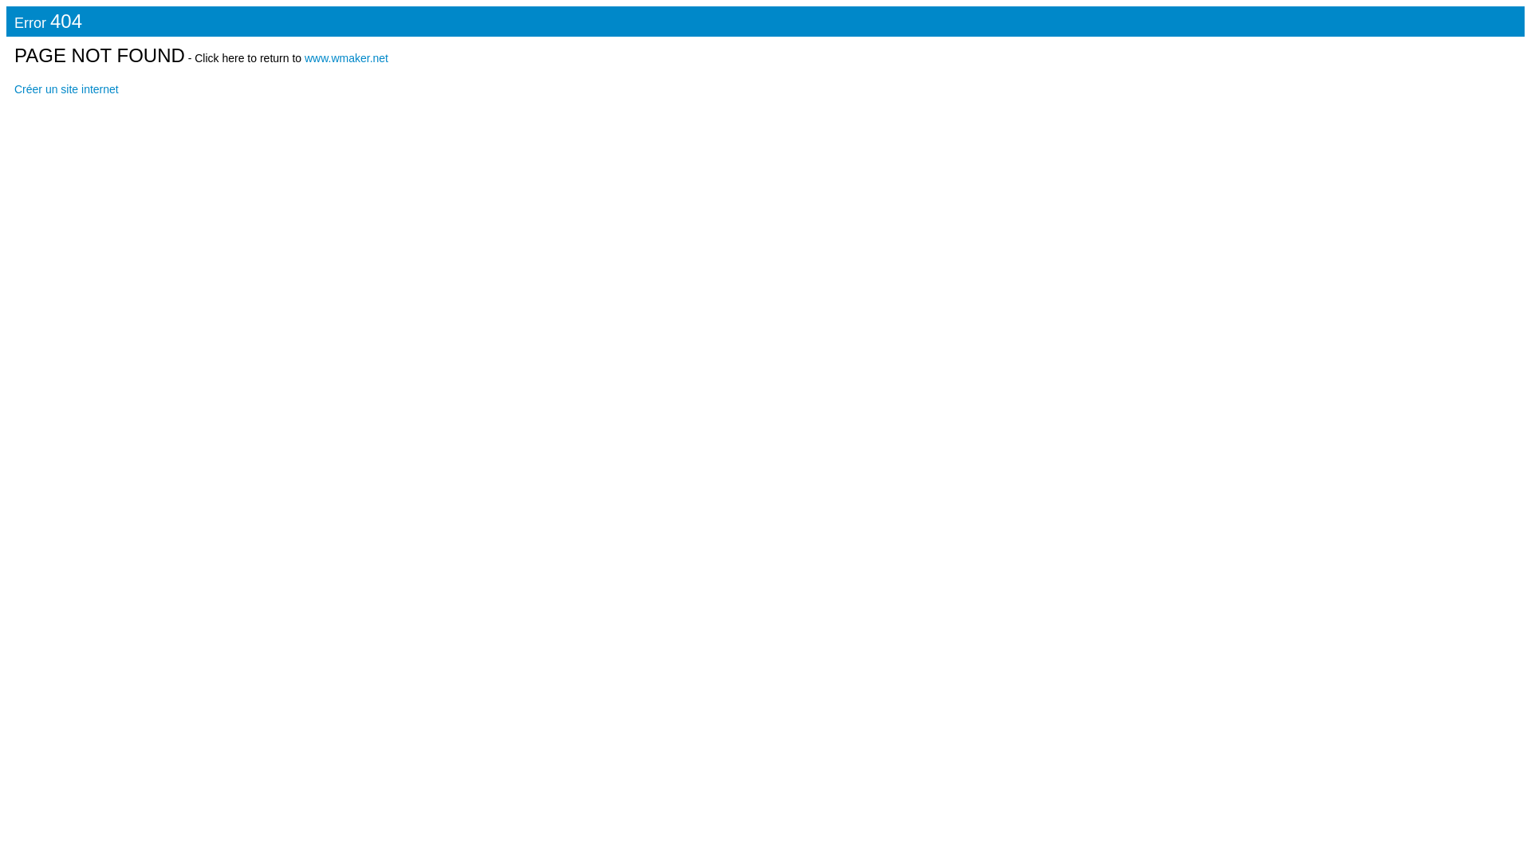 The width and height of the screenshot is (1531, 861). Describe the element at coordinates (345, 57) in the screenshot. I see `'www.wmaker.net'` at that location.